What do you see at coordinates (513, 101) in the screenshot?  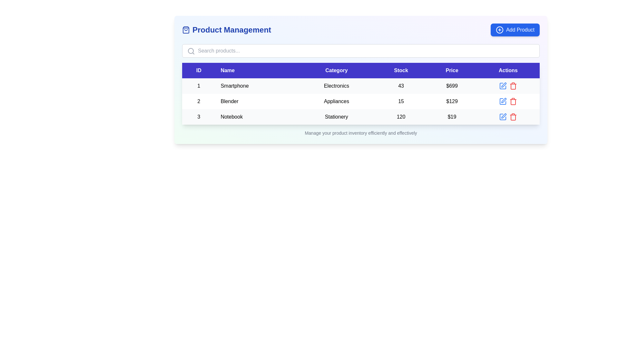 I see `the delete button which contains the body of the trash bin icon for the item 'Blender' in the second row of the table` at bounding box center [513, 101].